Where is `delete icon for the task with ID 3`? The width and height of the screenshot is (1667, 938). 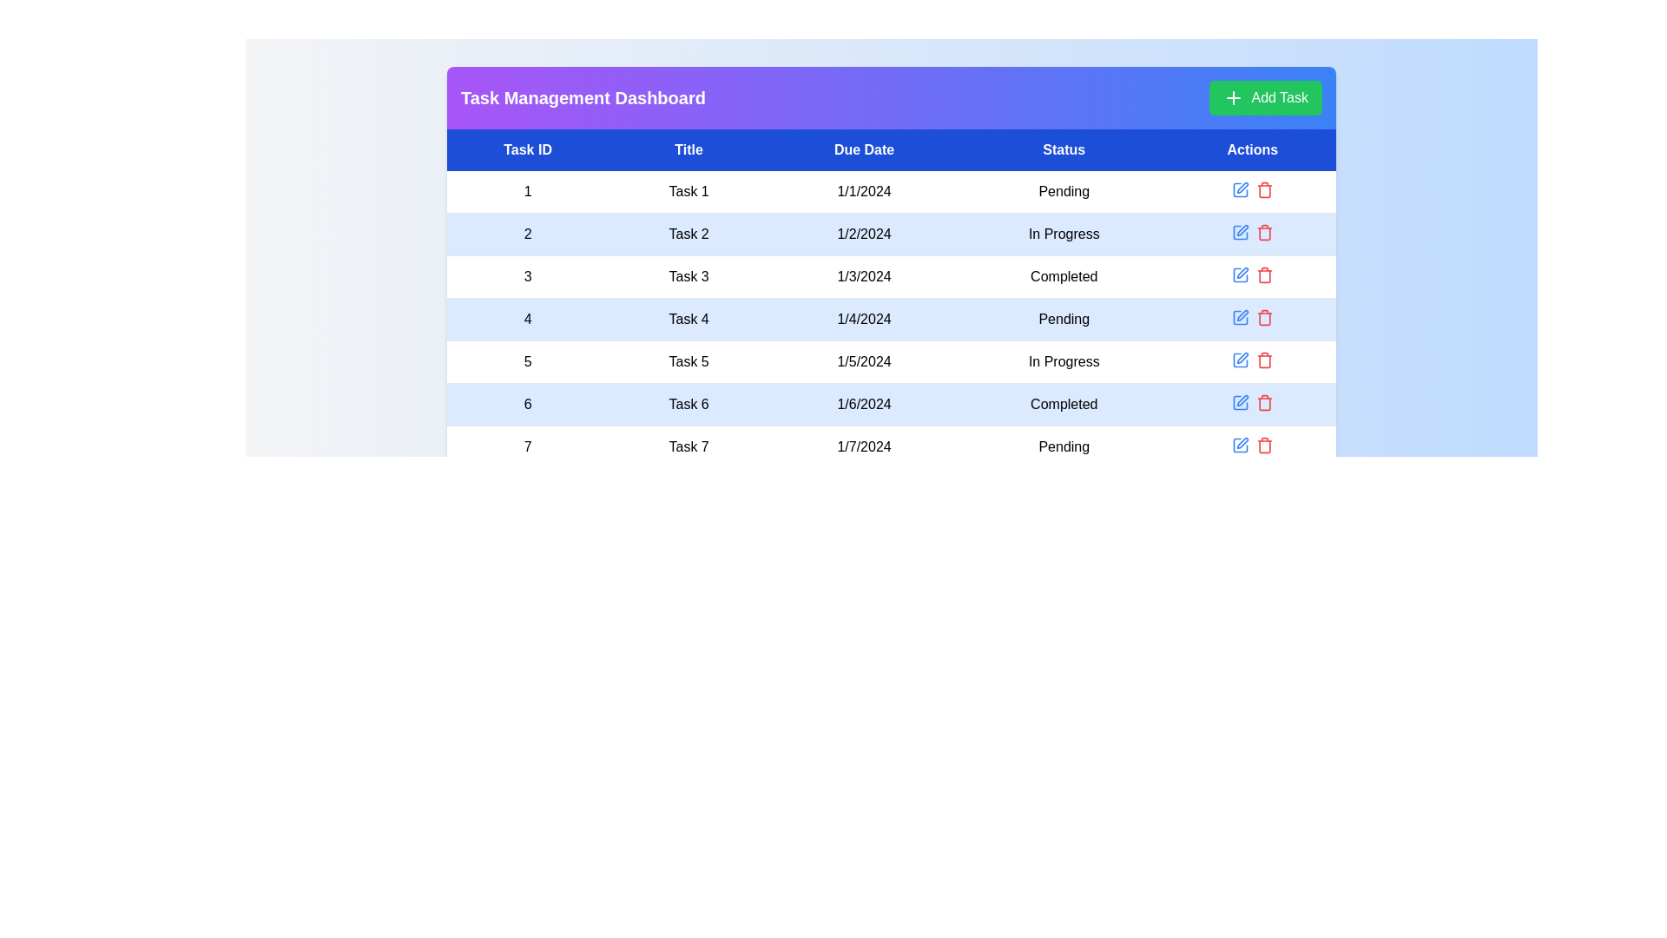 delete icon for the task with ID 3 is located at coordinates (1264, 274).